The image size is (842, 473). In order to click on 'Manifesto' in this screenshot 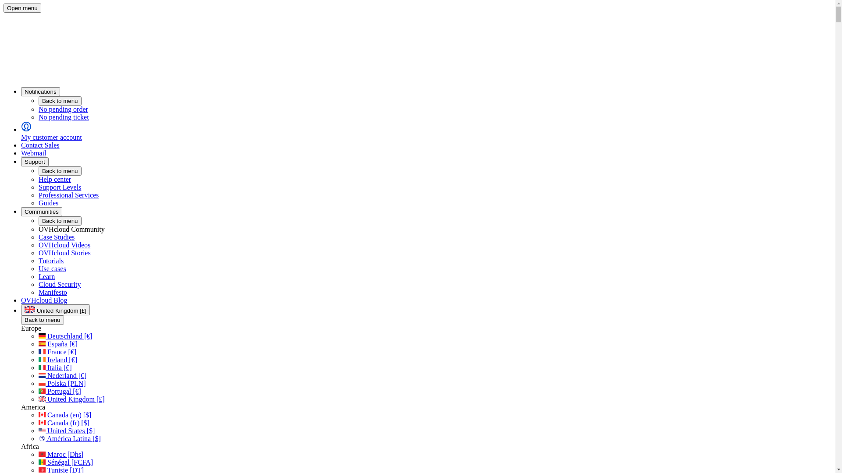, I will do `click(38, 292)`.